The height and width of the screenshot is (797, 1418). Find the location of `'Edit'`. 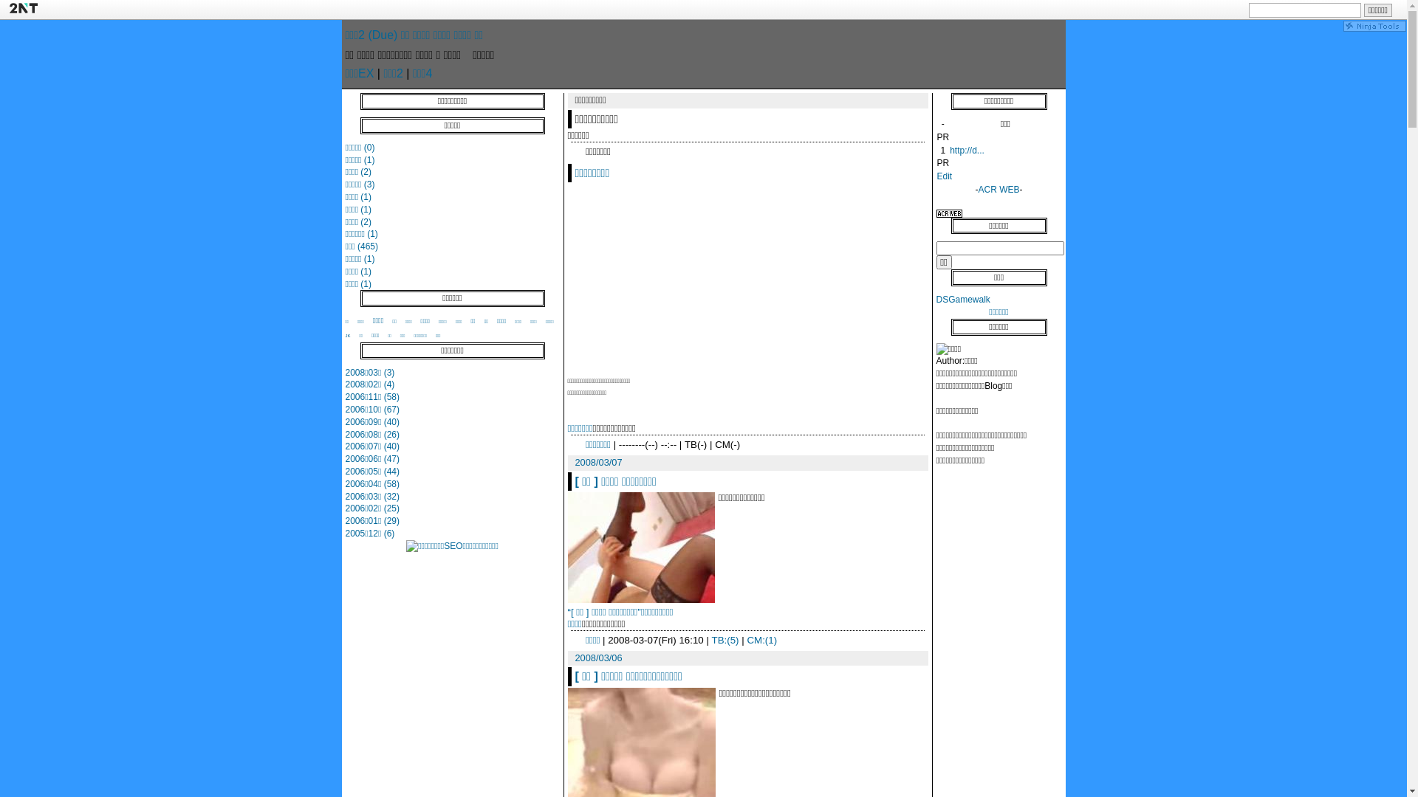

'Edit' is located at coordinates (935, 176).